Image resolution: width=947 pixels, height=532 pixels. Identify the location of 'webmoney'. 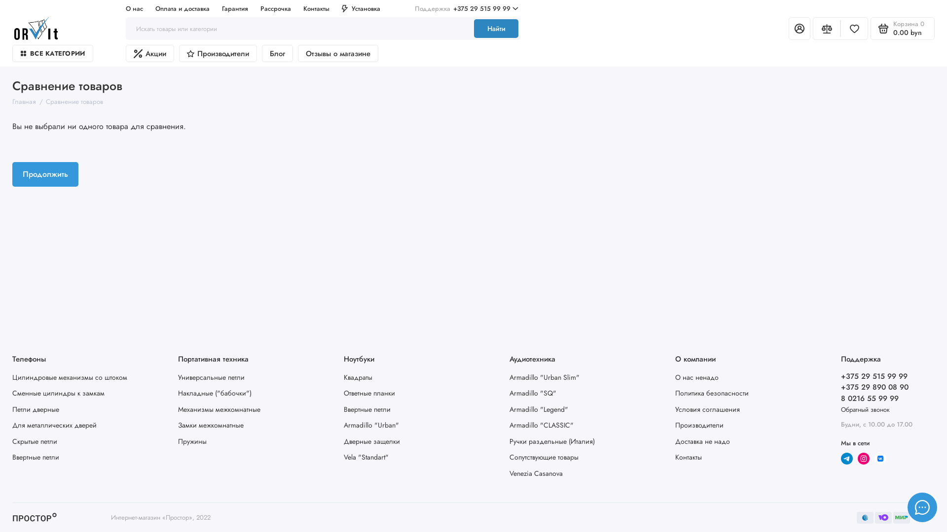
(902, 517).